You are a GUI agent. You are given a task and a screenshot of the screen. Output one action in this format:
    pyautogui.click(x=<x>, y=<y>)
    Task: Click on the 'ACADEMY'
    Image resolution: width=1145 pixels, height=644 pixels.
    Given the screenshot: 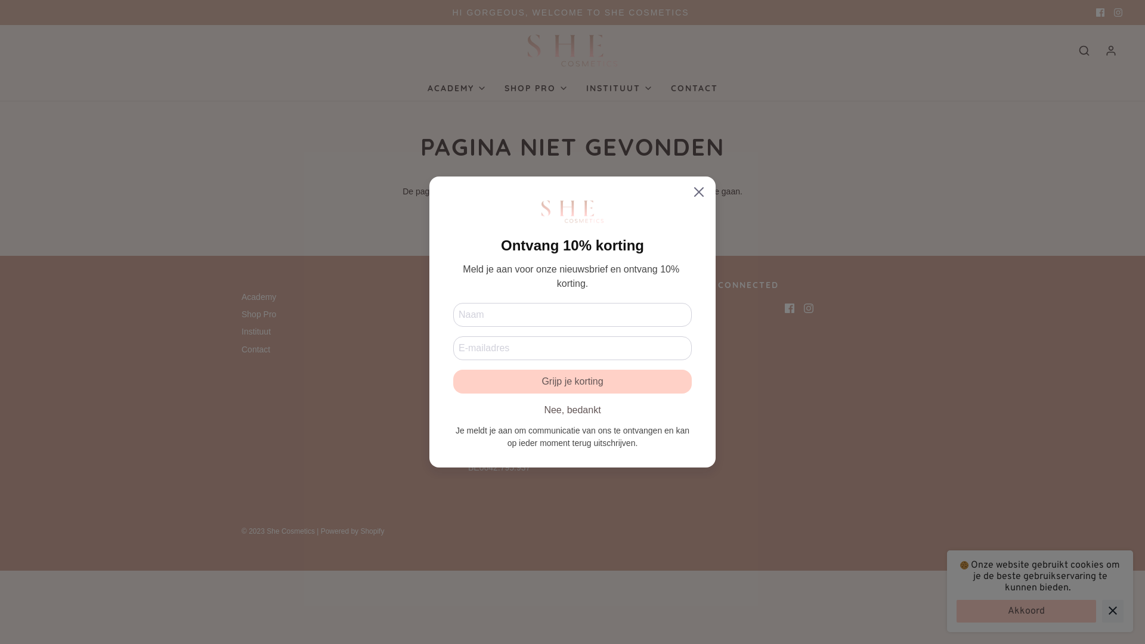 What is the action you would take?
    pyautogui.click(x=456, y=87)
    